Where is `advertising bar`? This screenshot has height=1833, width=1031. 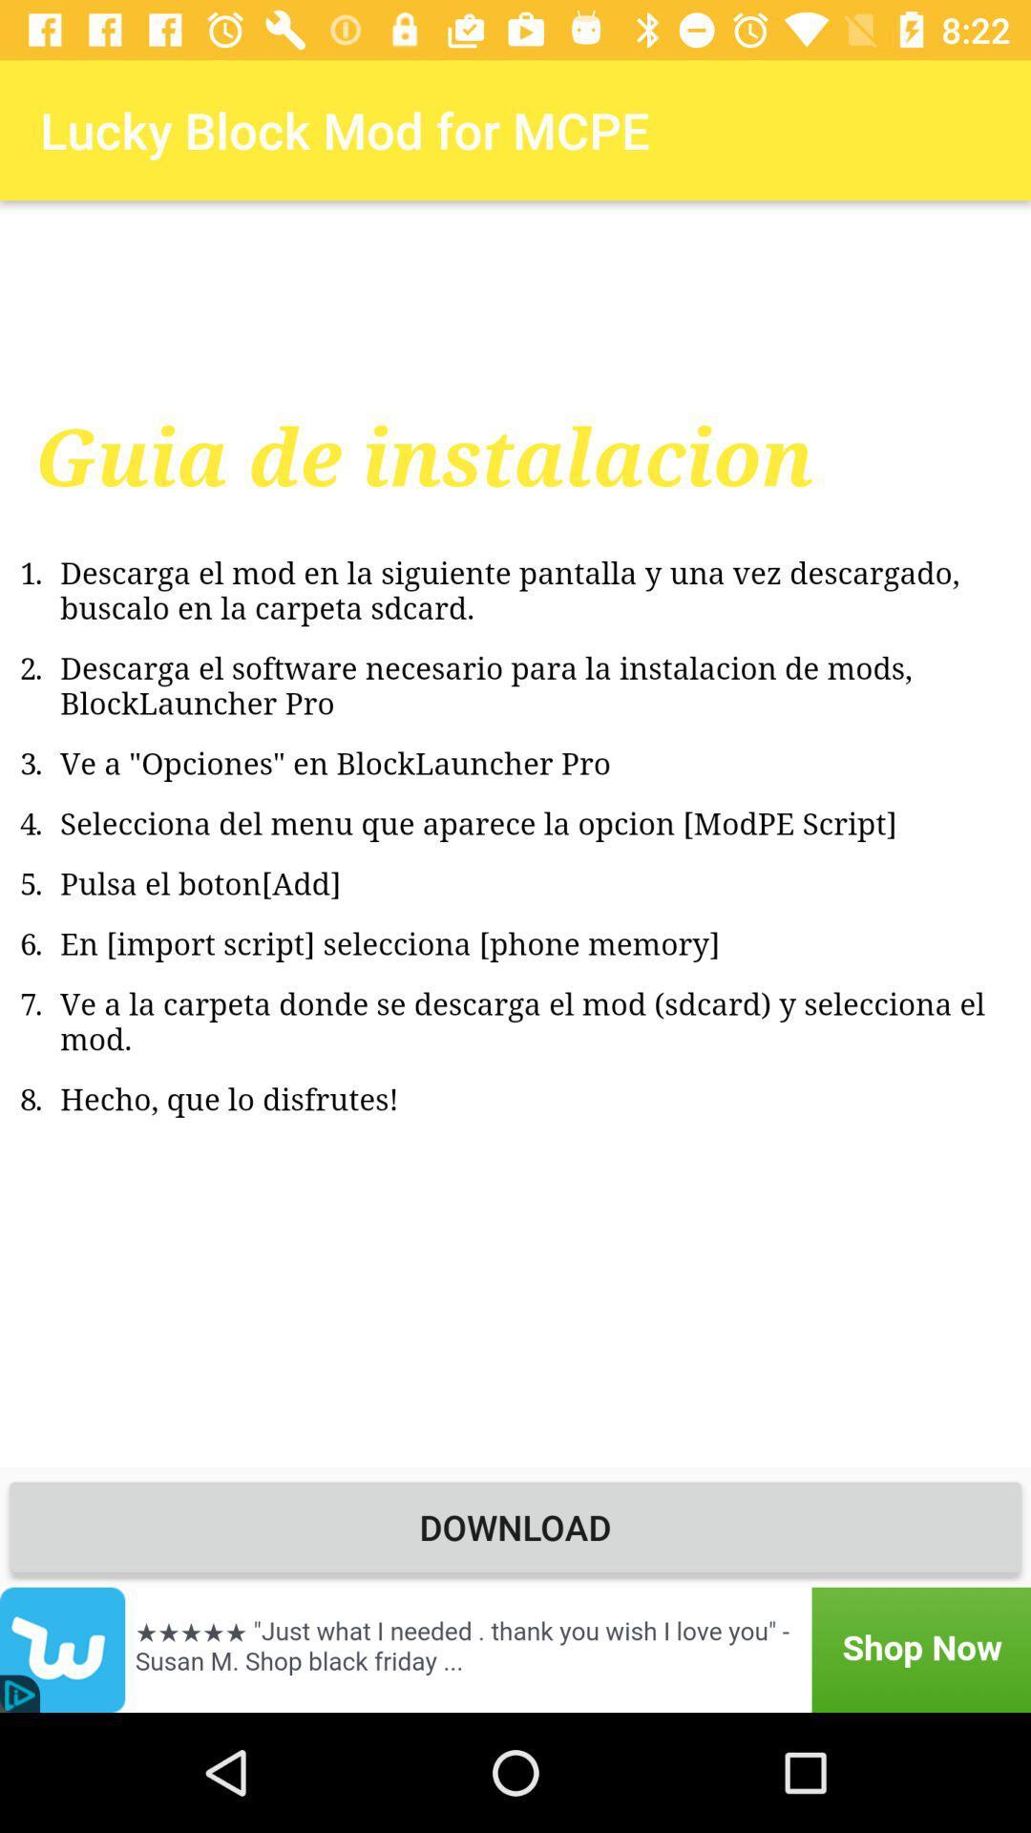 advertising bar is located at coordinates (515, 1649).